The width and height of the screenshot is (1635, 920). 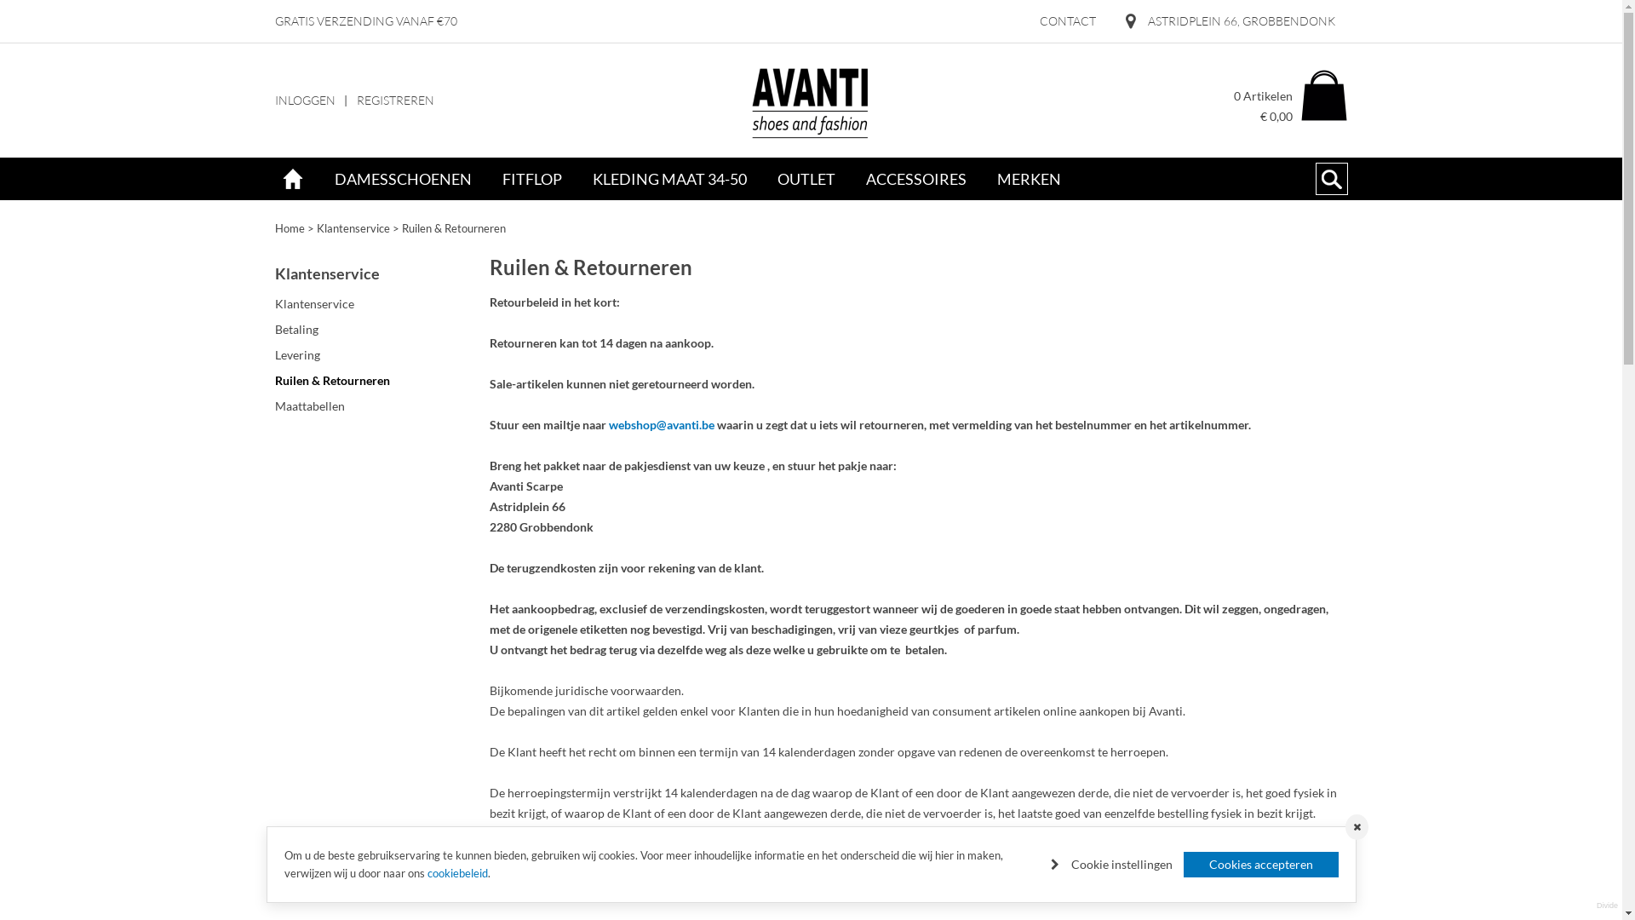 What do you see at coordinates (304, 101) in the screenshot?
I see `'INLOGGEN'` at bounding box center [304, 101].